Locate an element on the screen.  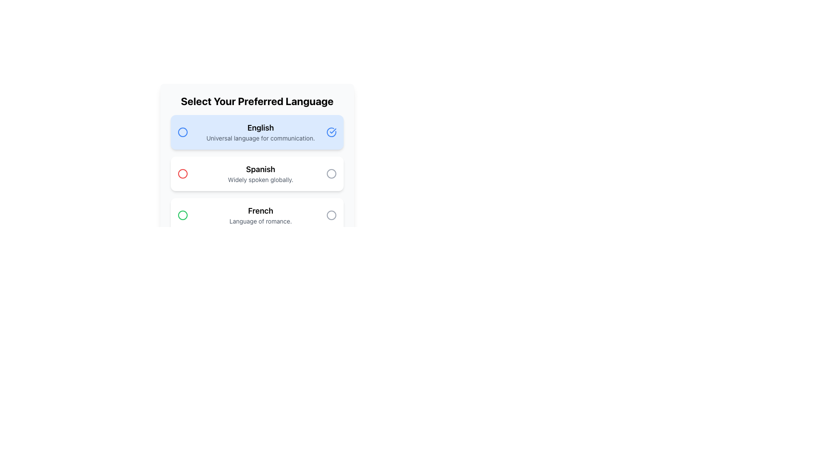
the Text Label providing a descriptive subtitle for the 'French' language option, which is positioned directly below the 'French' text is located at coordinates (260, 221).